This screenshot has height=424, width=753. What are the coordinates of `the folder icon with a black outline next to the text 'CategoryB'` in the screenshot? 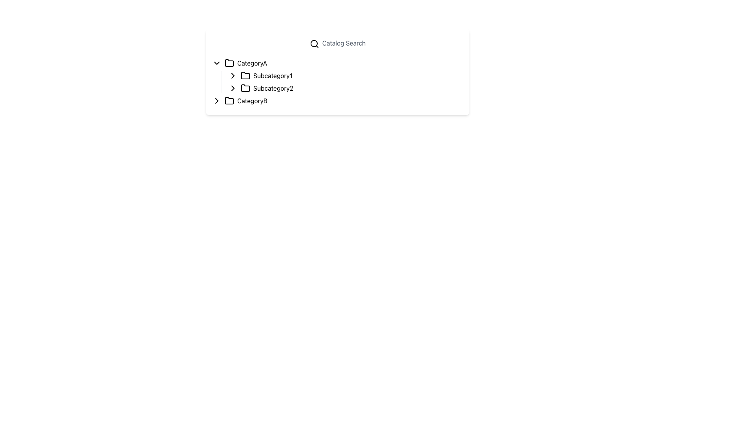 It's located at (229, 100).